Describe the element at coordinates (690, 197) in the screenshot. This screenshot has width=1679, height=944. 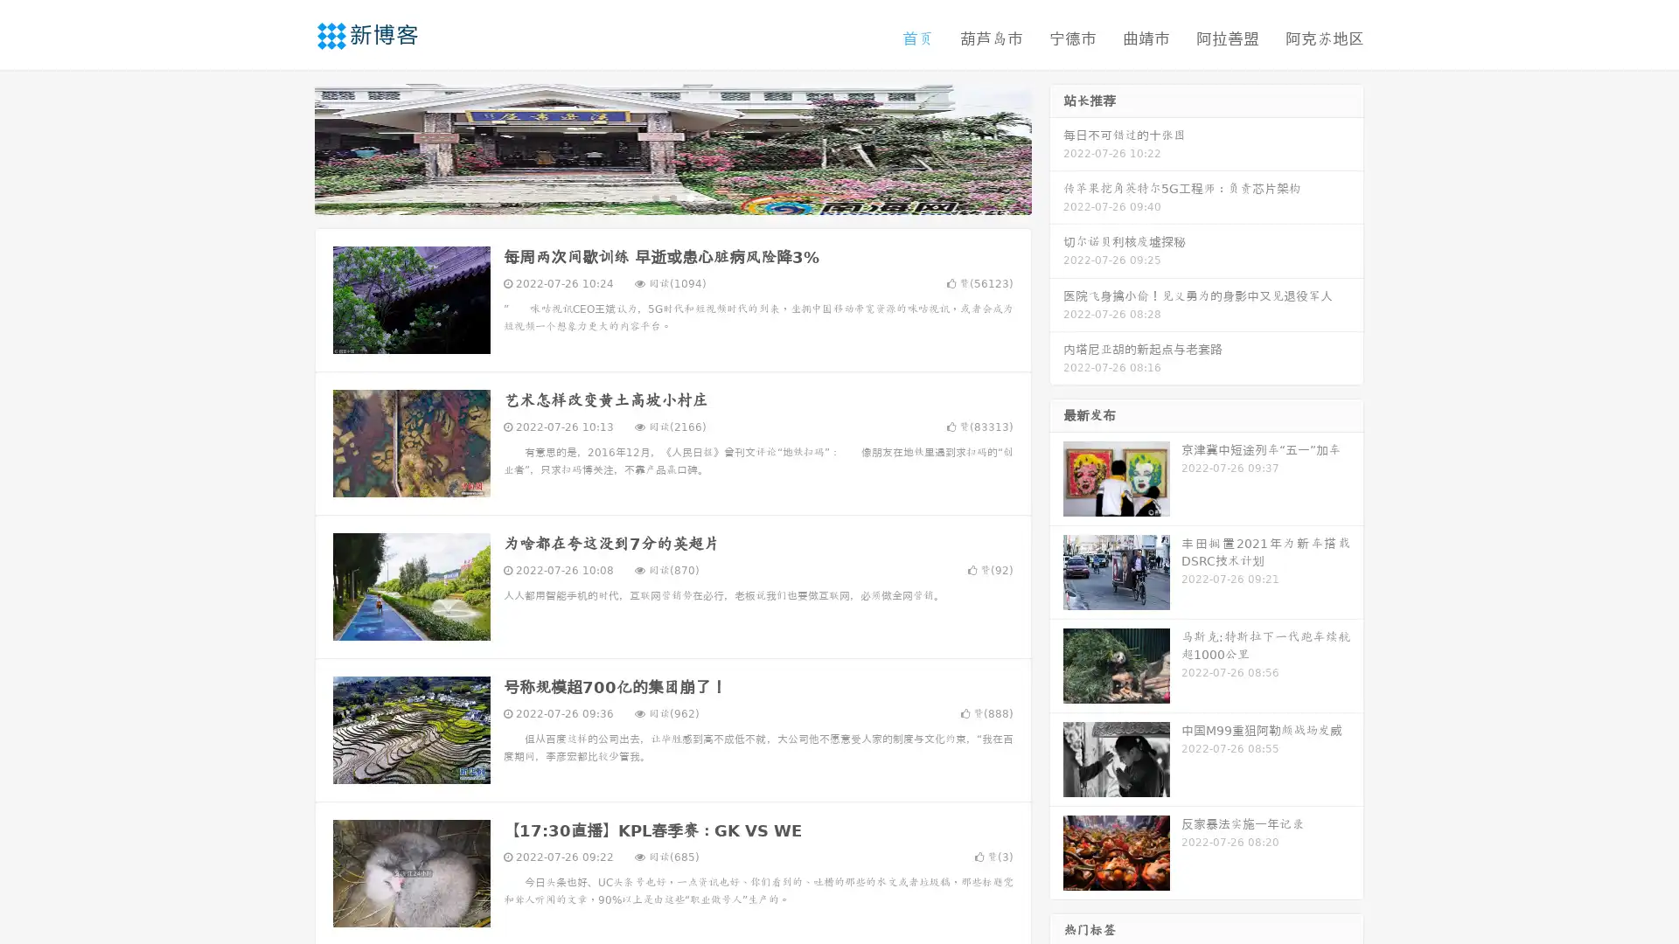
I see `Go to slide 3` at that location.